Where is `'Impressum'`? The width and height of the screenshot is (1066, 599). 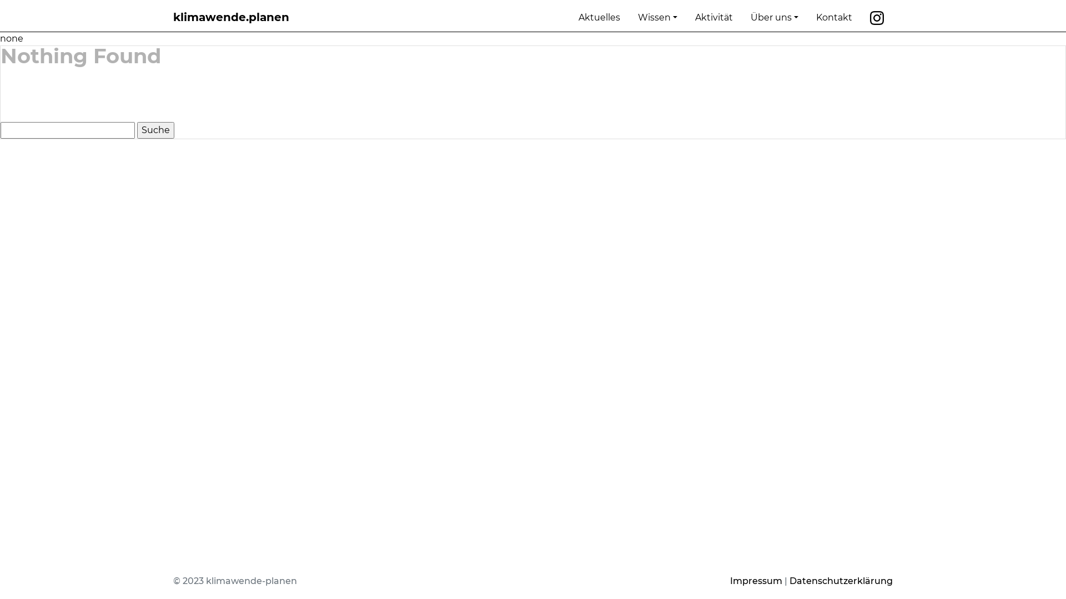 'Impressum' is located at coordinates (756, 580).